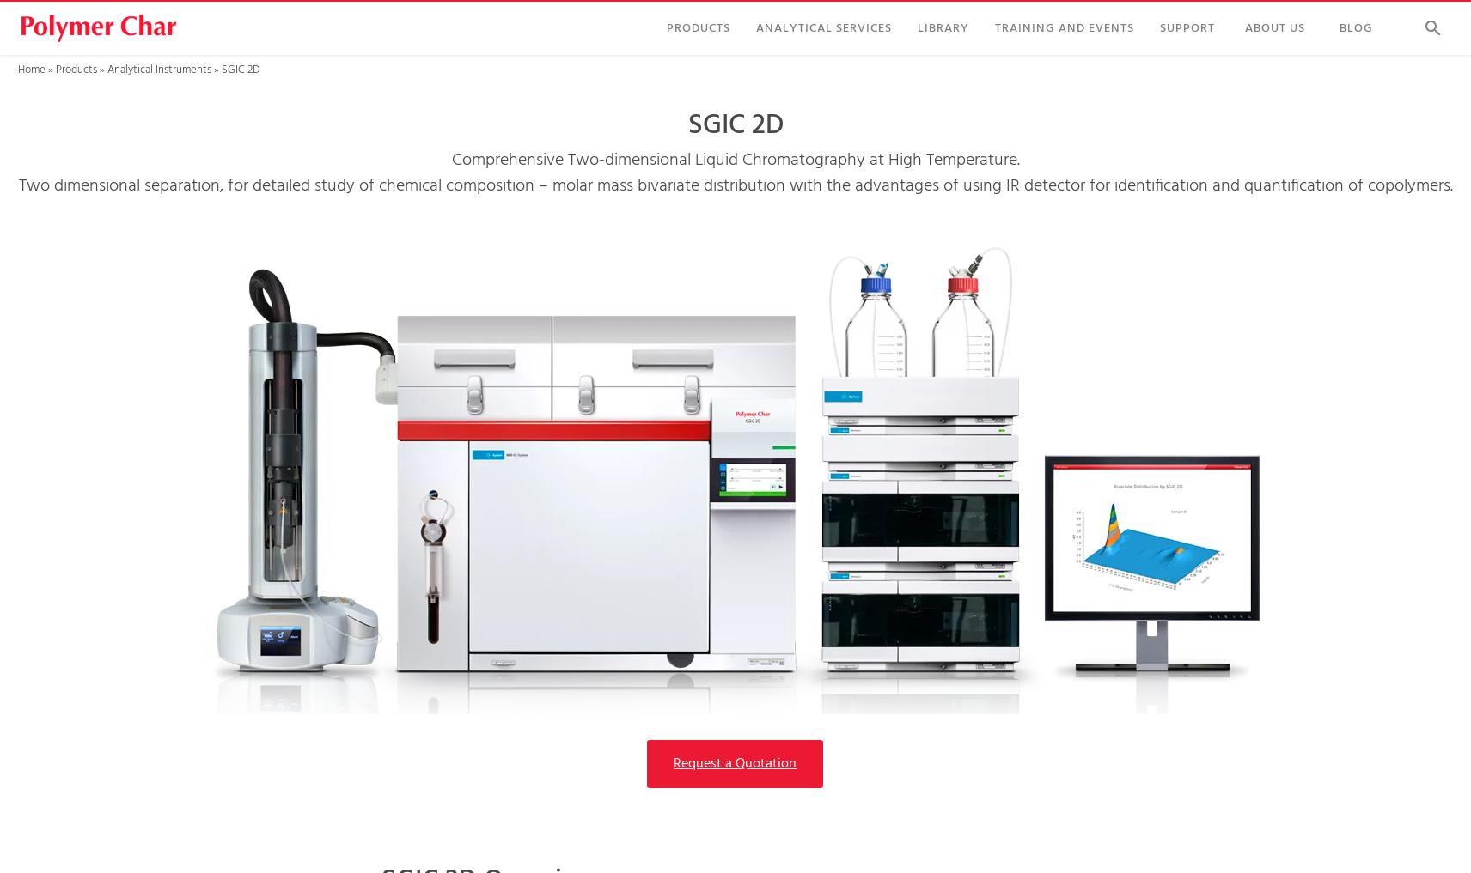 The width and height of the screenshot is (1471, 873). What do you see at coordinates (30, 70) in the screenshot?
I see `'Home'` at bounding box center [30, 70].